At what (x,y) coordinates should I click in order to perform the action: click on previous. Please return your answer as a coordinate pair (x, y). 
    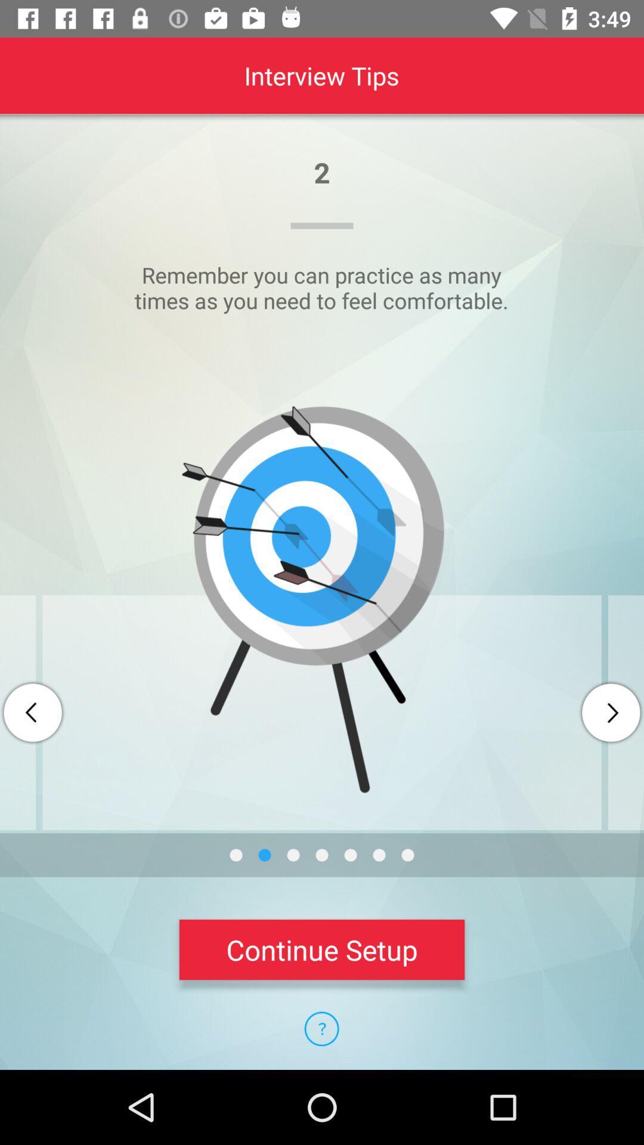
    Looking at the image, I should click on (32, 713).